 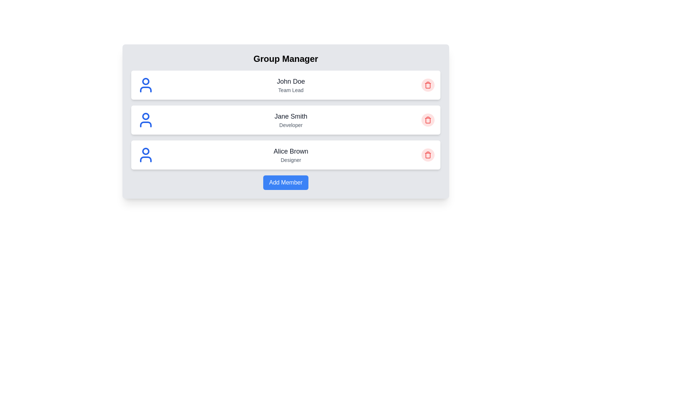 What do you see at coordinates (428, 120) in the screenshot?
I see `the Icon button located in the top-right corner of the second row` at bounding box center [428, 120].